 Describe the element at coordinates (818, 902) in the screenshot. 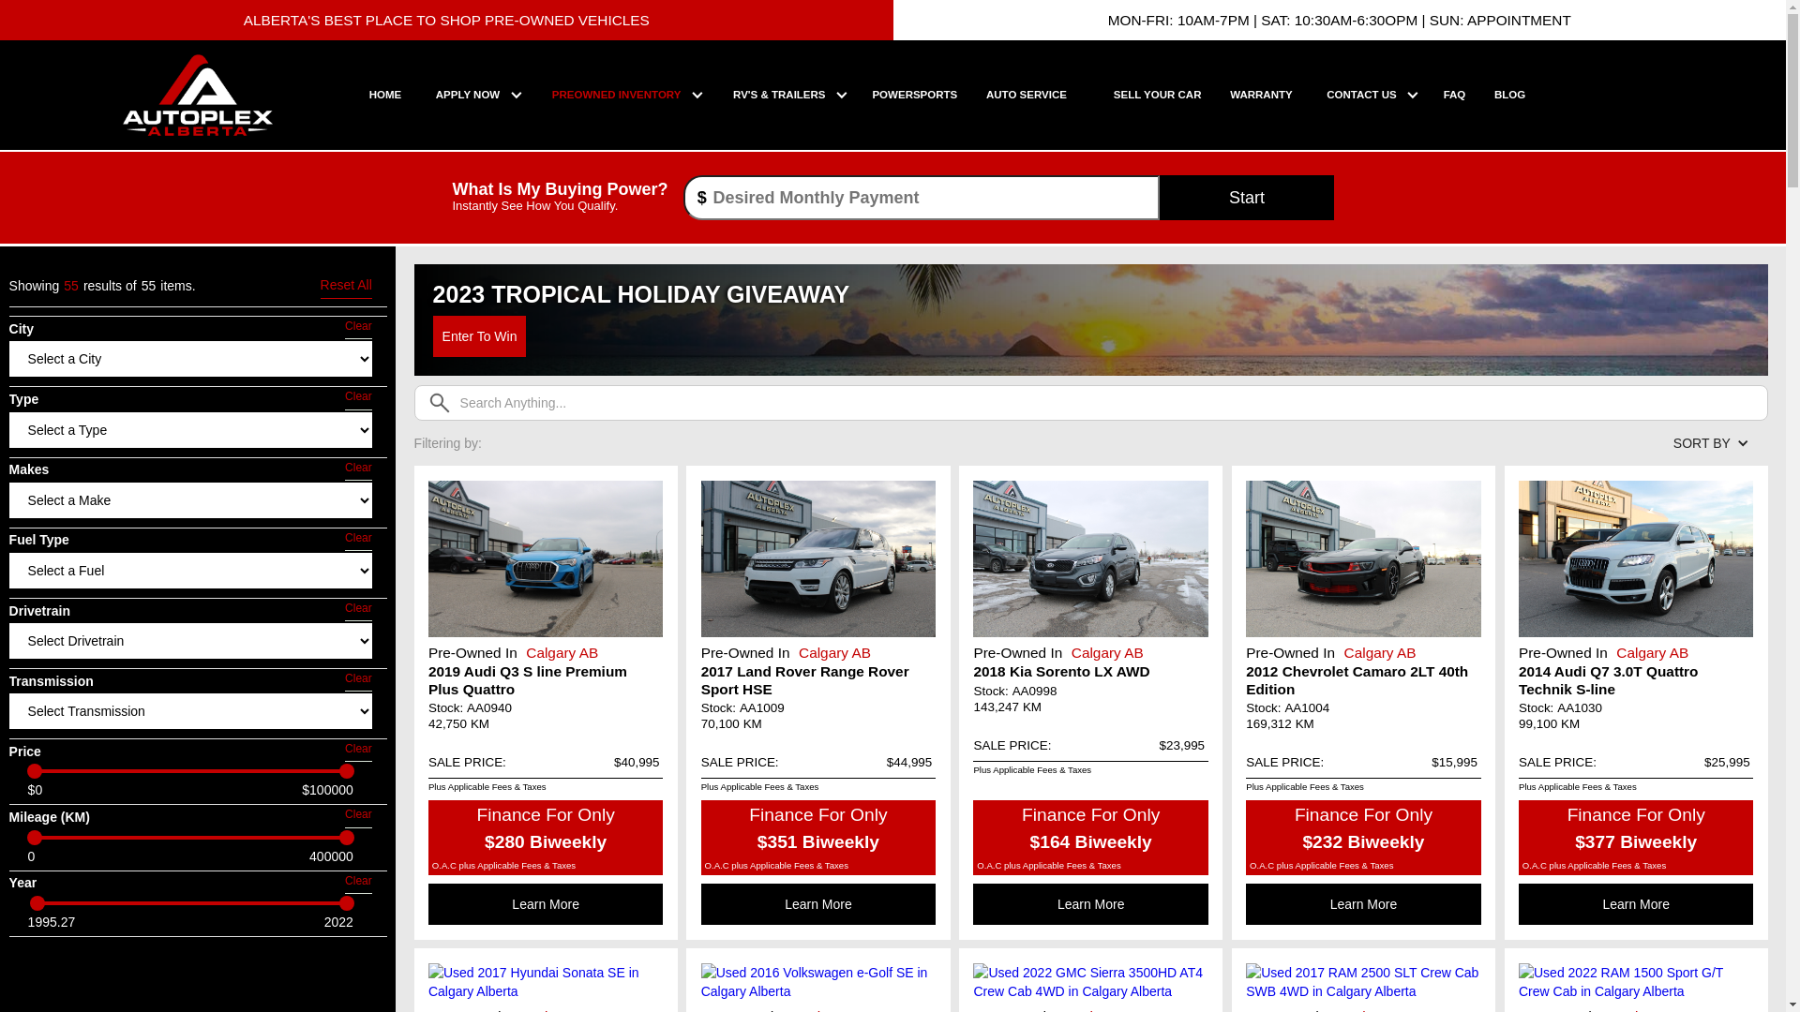

I see `'Learn More'` at that location.